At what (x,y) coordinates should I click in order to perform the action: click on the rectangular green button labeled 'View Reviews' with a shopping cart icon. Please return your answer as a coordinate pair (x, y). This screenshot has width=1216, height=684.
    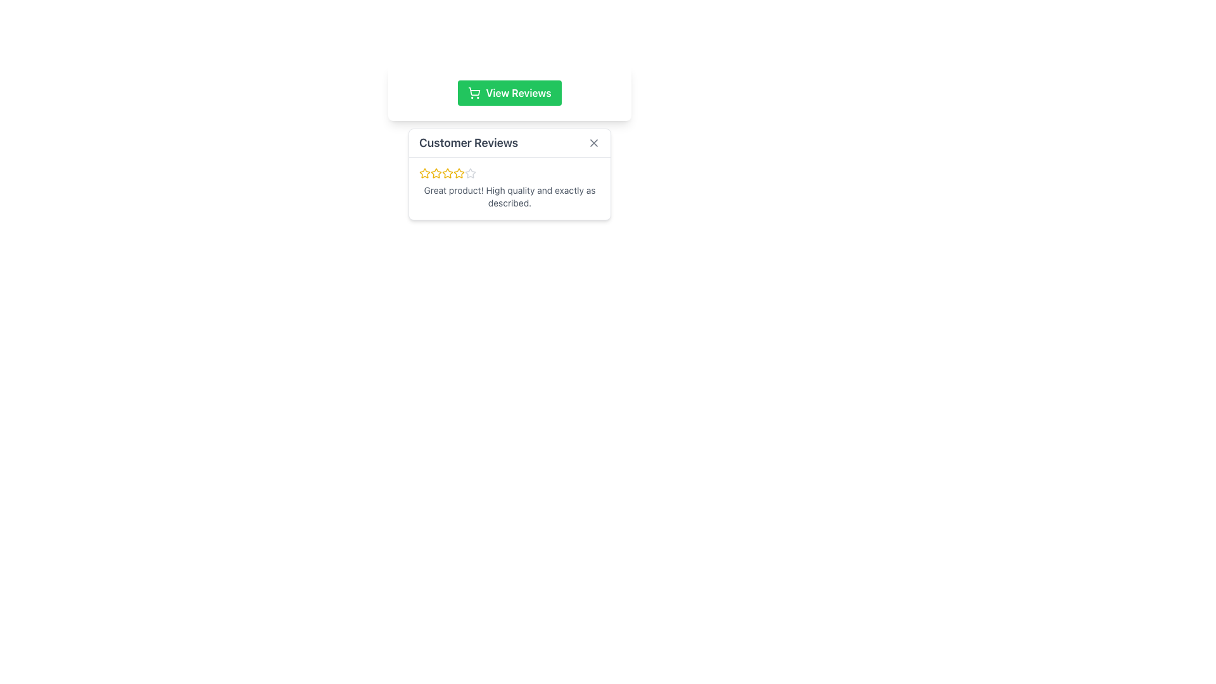
    Looking at the image, I should click on (510, 92).